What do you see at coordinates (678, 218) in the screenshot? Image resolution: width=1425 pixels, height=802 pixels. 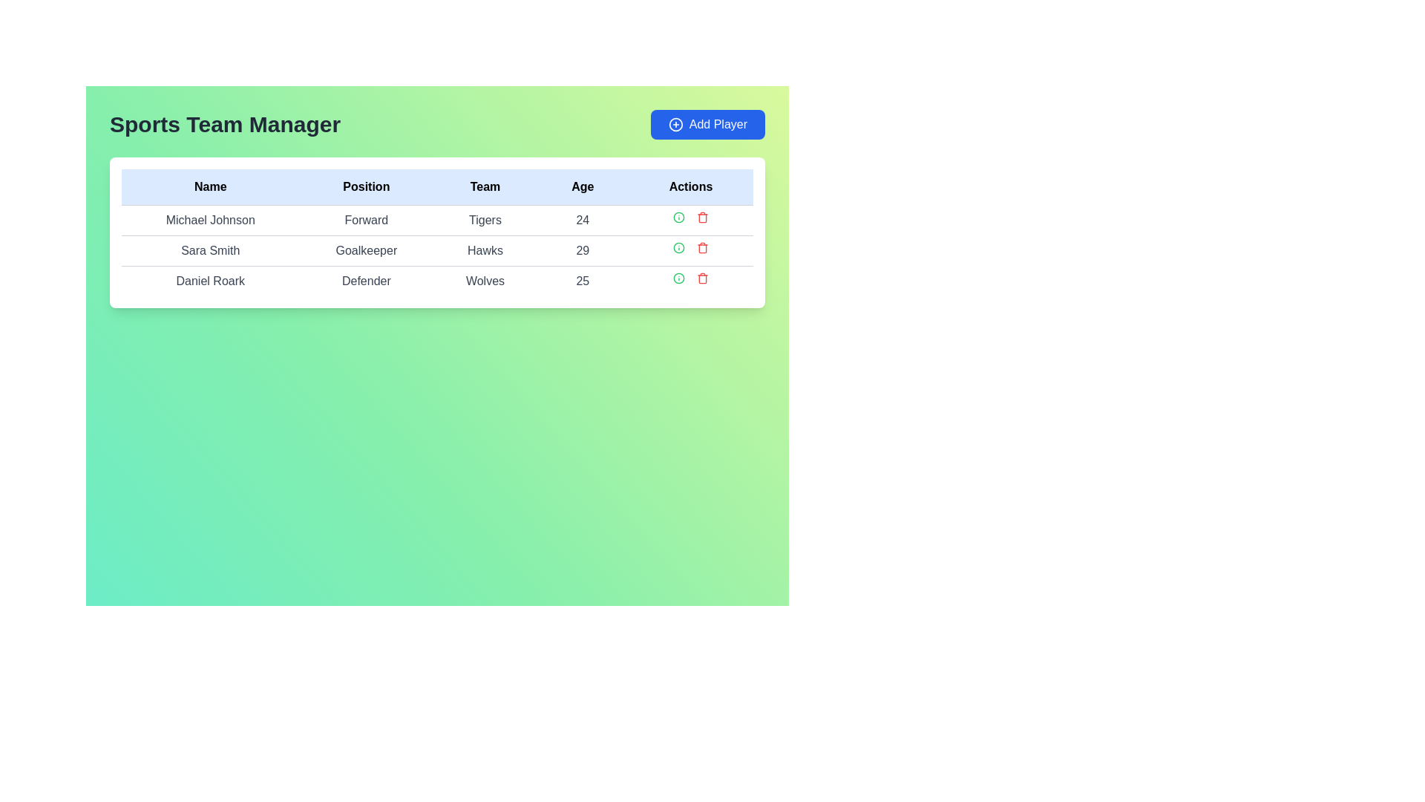 I see `the Icon button located in the 'Actions' column of the second row of the table, which is immediately to the left of a red trash bin icon` at bounding box center [678, 218].